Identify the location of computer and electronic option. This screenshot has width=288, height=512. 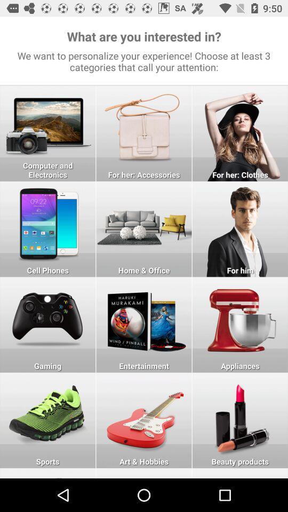
(47, 133).